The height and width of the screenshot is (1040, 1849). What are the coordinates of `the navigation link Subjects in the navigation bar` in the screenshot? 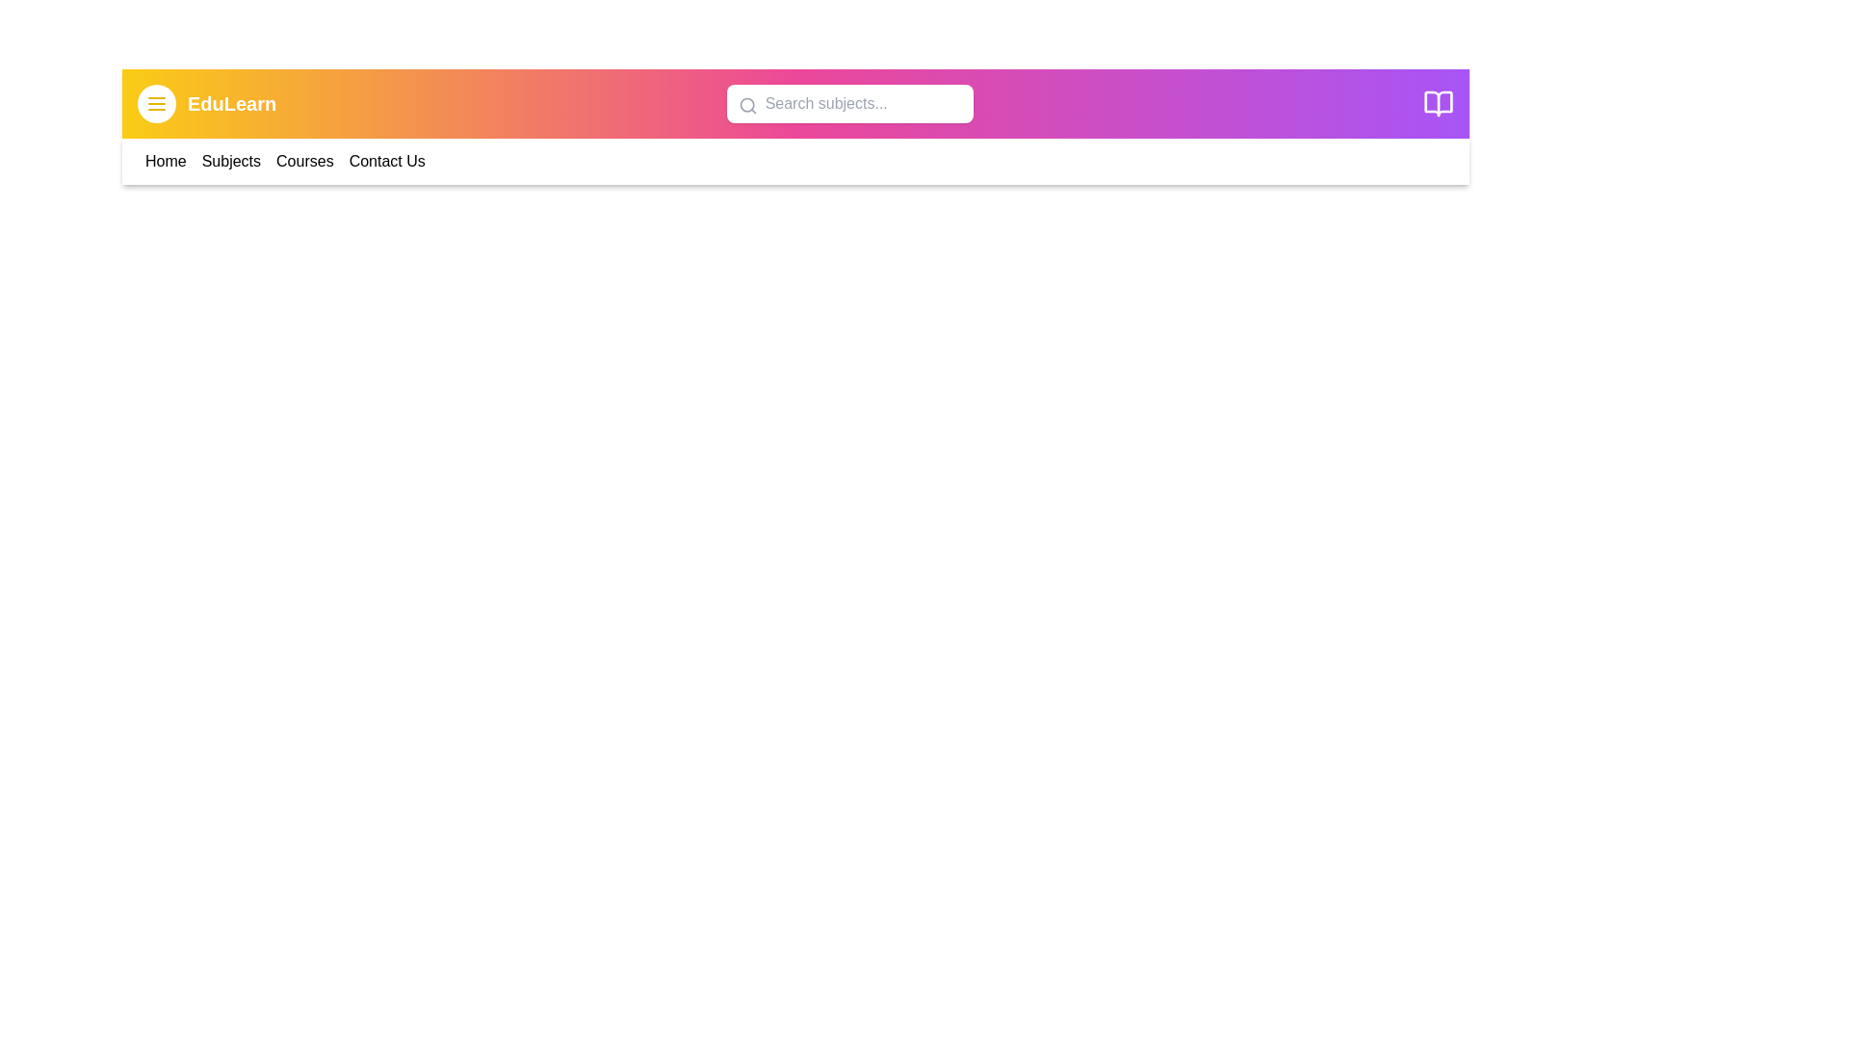 It's located at (231, 161).